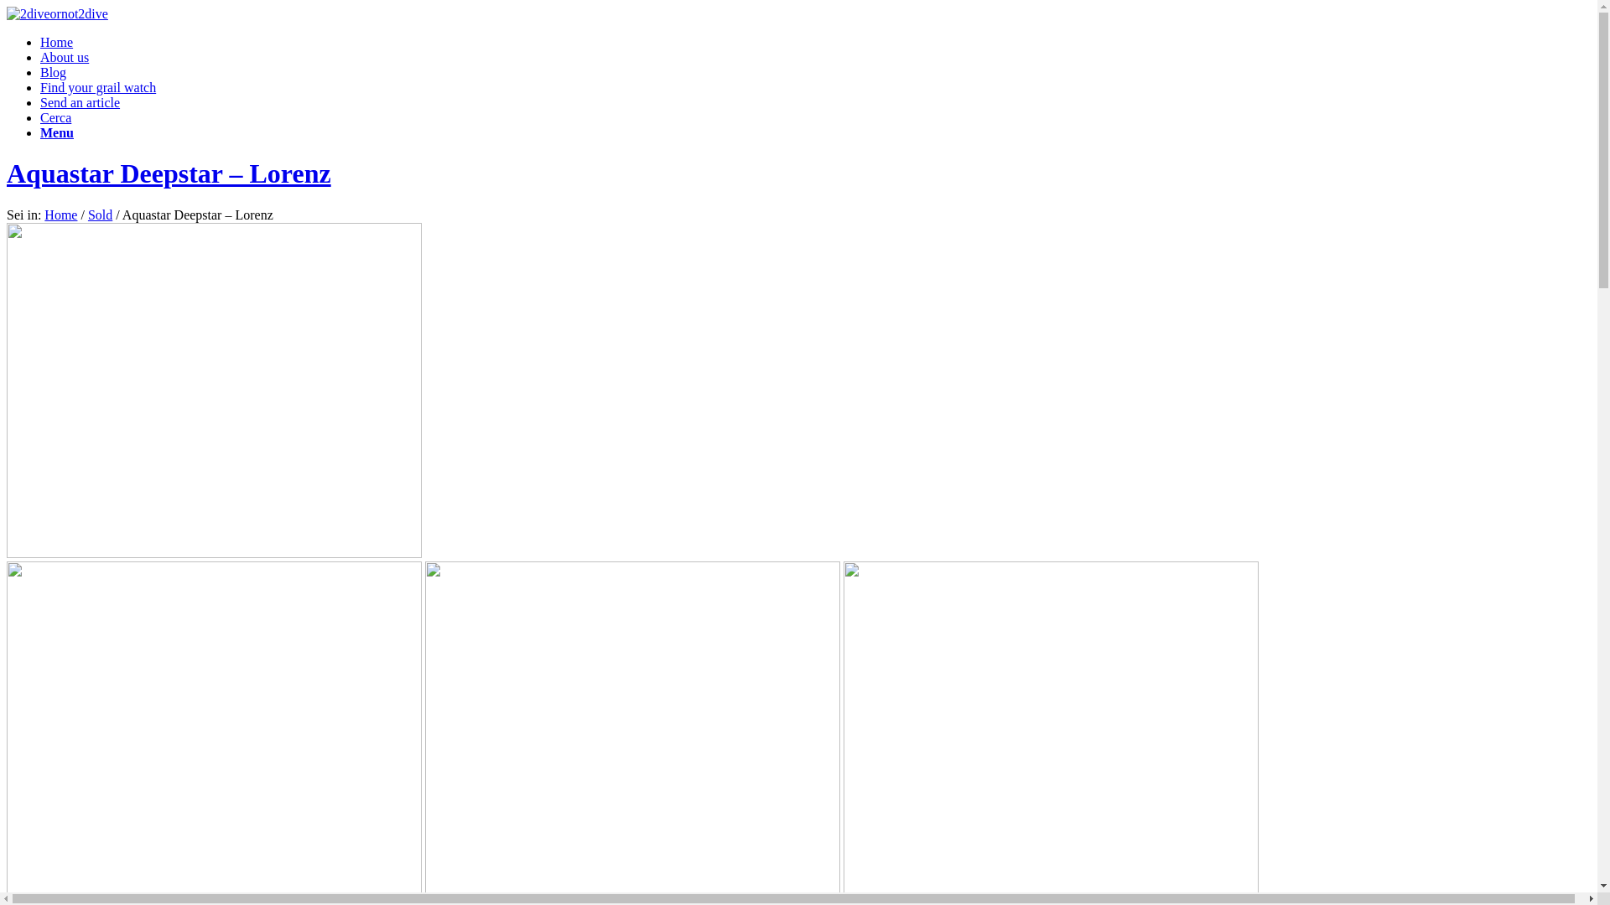 This screenshot has width=1610, height=905. I want to click on 'About us', so click(64, 56).